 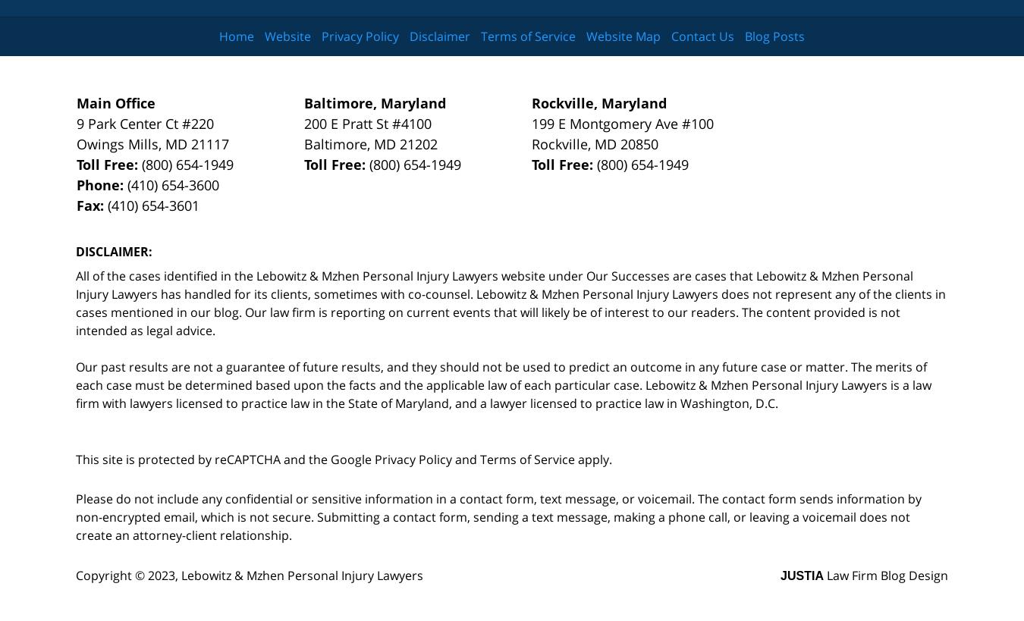 I want to click on '21117', so click(x=209, y=143).